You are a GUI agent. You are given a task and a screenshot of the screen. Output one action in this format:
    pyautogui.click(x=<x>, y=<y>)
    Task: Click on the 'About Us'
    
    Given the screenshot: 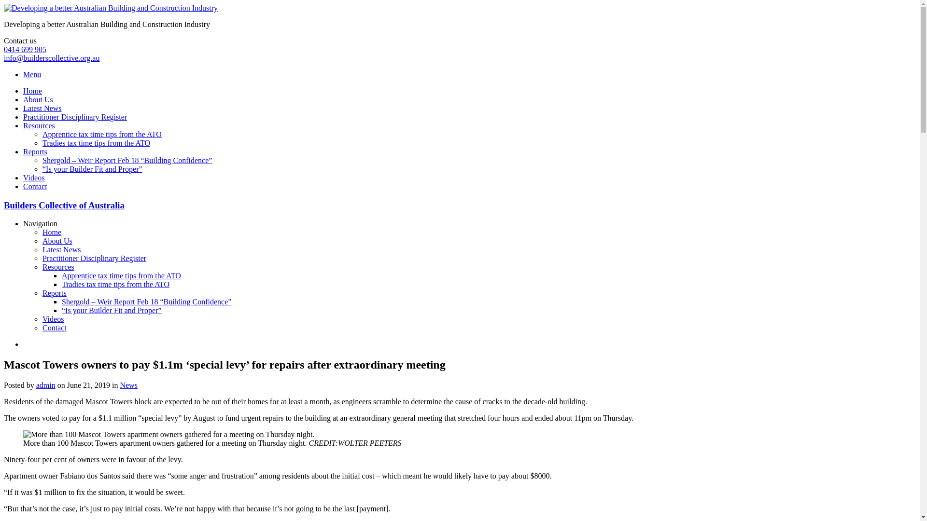 What is the action you would take?
    pyautogui.click(x=23, y=99)
    